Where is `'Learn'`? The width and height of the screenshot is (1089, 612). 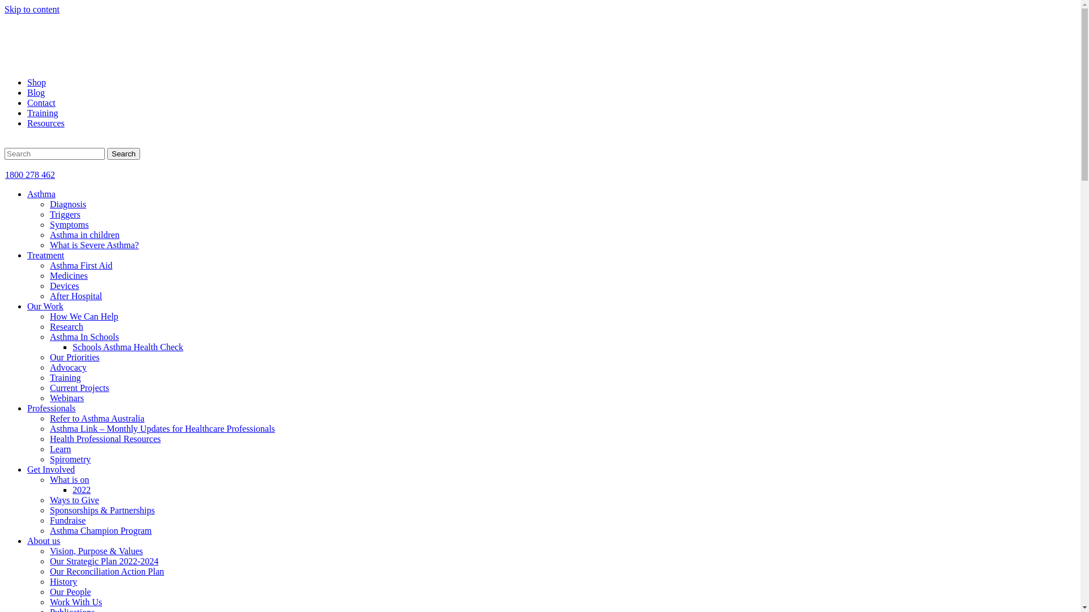
'Learn' is located at coordinates (49, 448).